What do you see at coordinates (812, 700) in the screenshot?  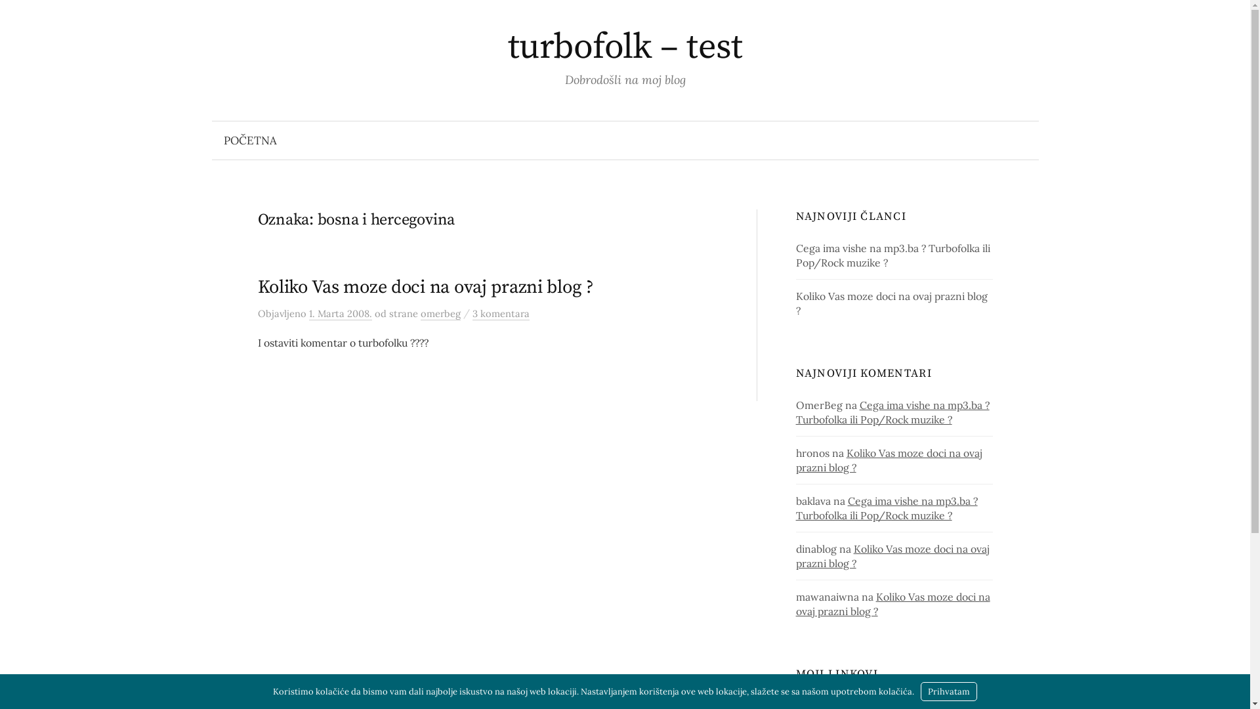 I see `'MP3.ba'` at bounding box center [812, 700].